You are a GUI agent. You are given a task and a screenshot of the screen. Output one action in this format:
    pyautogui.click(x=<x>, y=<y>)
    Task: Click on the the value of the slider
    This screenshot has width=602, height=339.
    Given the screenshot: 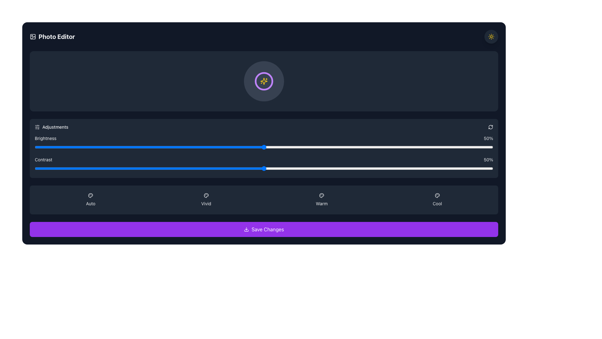 What is the action you would take?
    pyautogui.click(x=369, y=168)
    